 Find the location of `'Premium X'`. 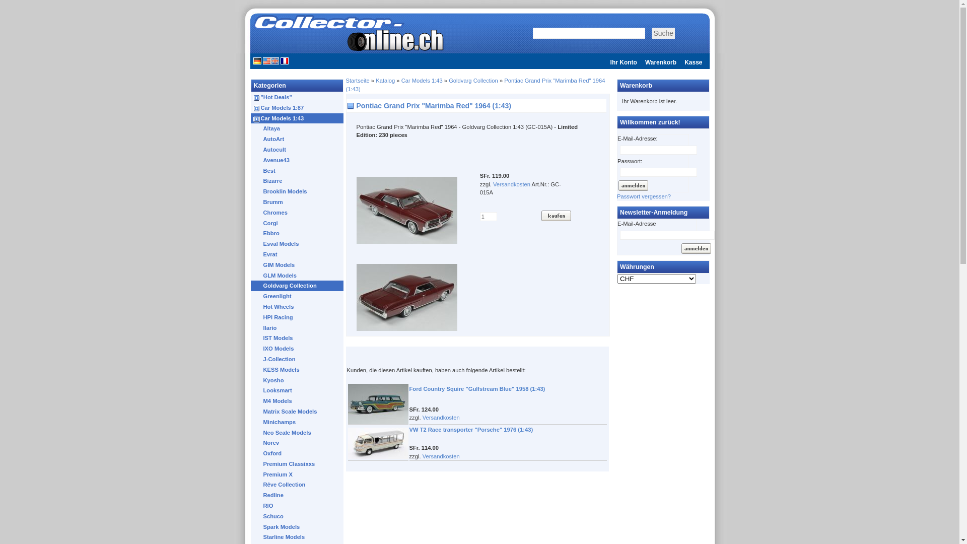

'Premium X' is located at coordinates (298, 474).